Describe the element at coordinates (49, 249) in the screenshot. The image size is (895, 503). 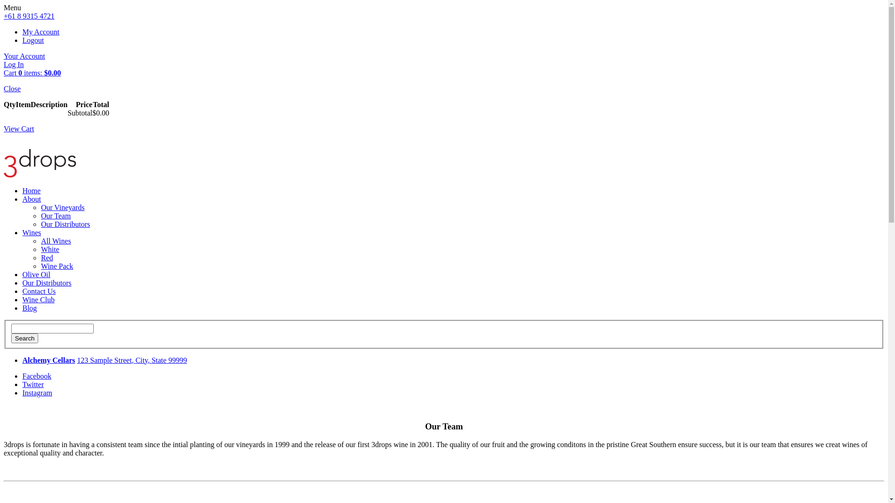
I see `'White'` at that location.